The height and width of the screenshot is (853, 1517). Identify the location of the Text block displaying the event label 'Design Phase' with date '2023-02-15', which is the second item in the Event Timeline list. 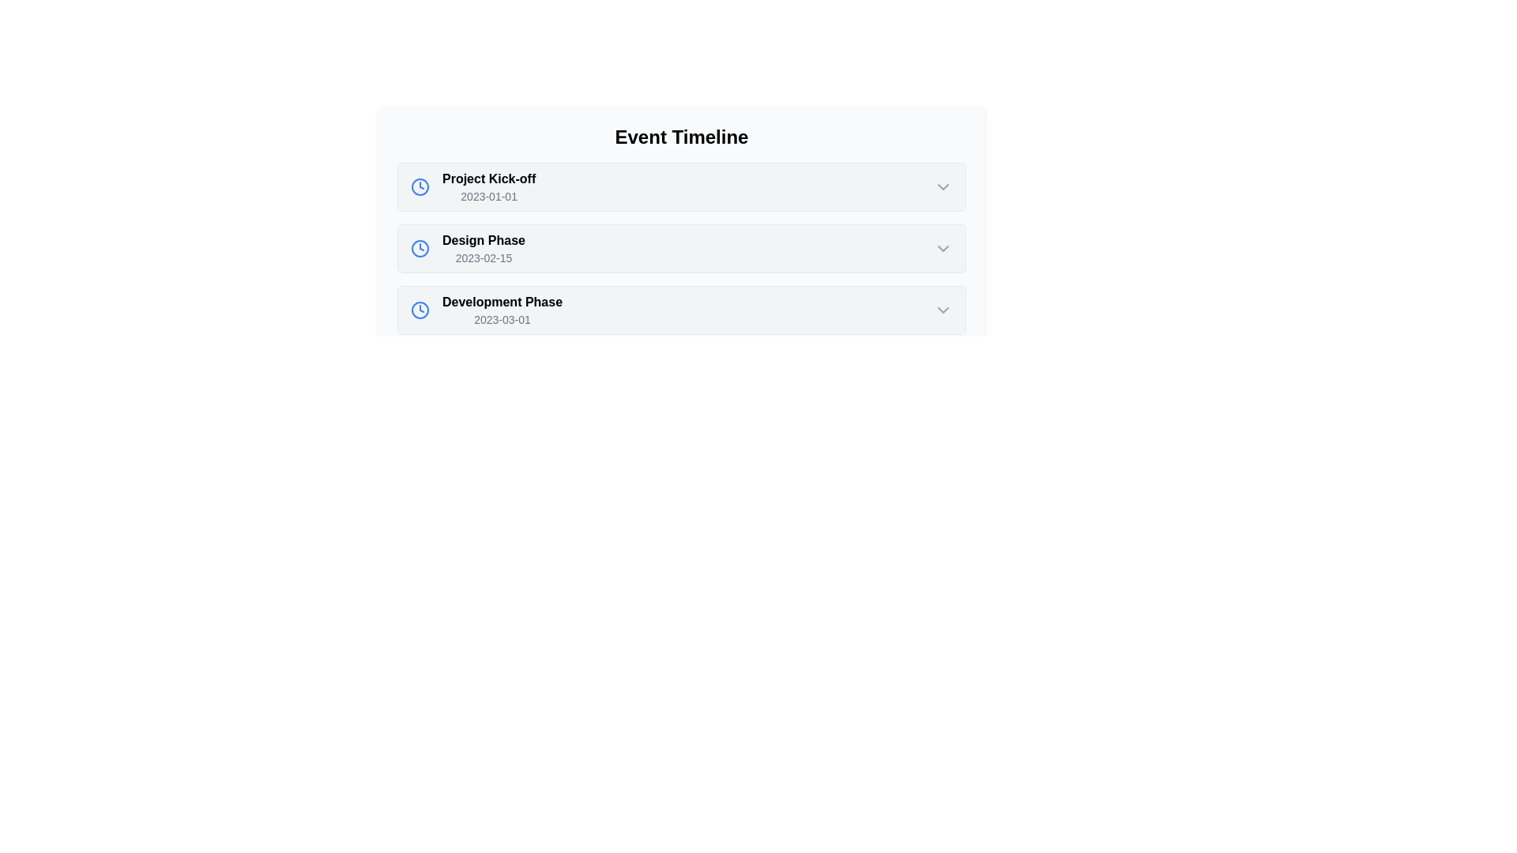
(483, 249).